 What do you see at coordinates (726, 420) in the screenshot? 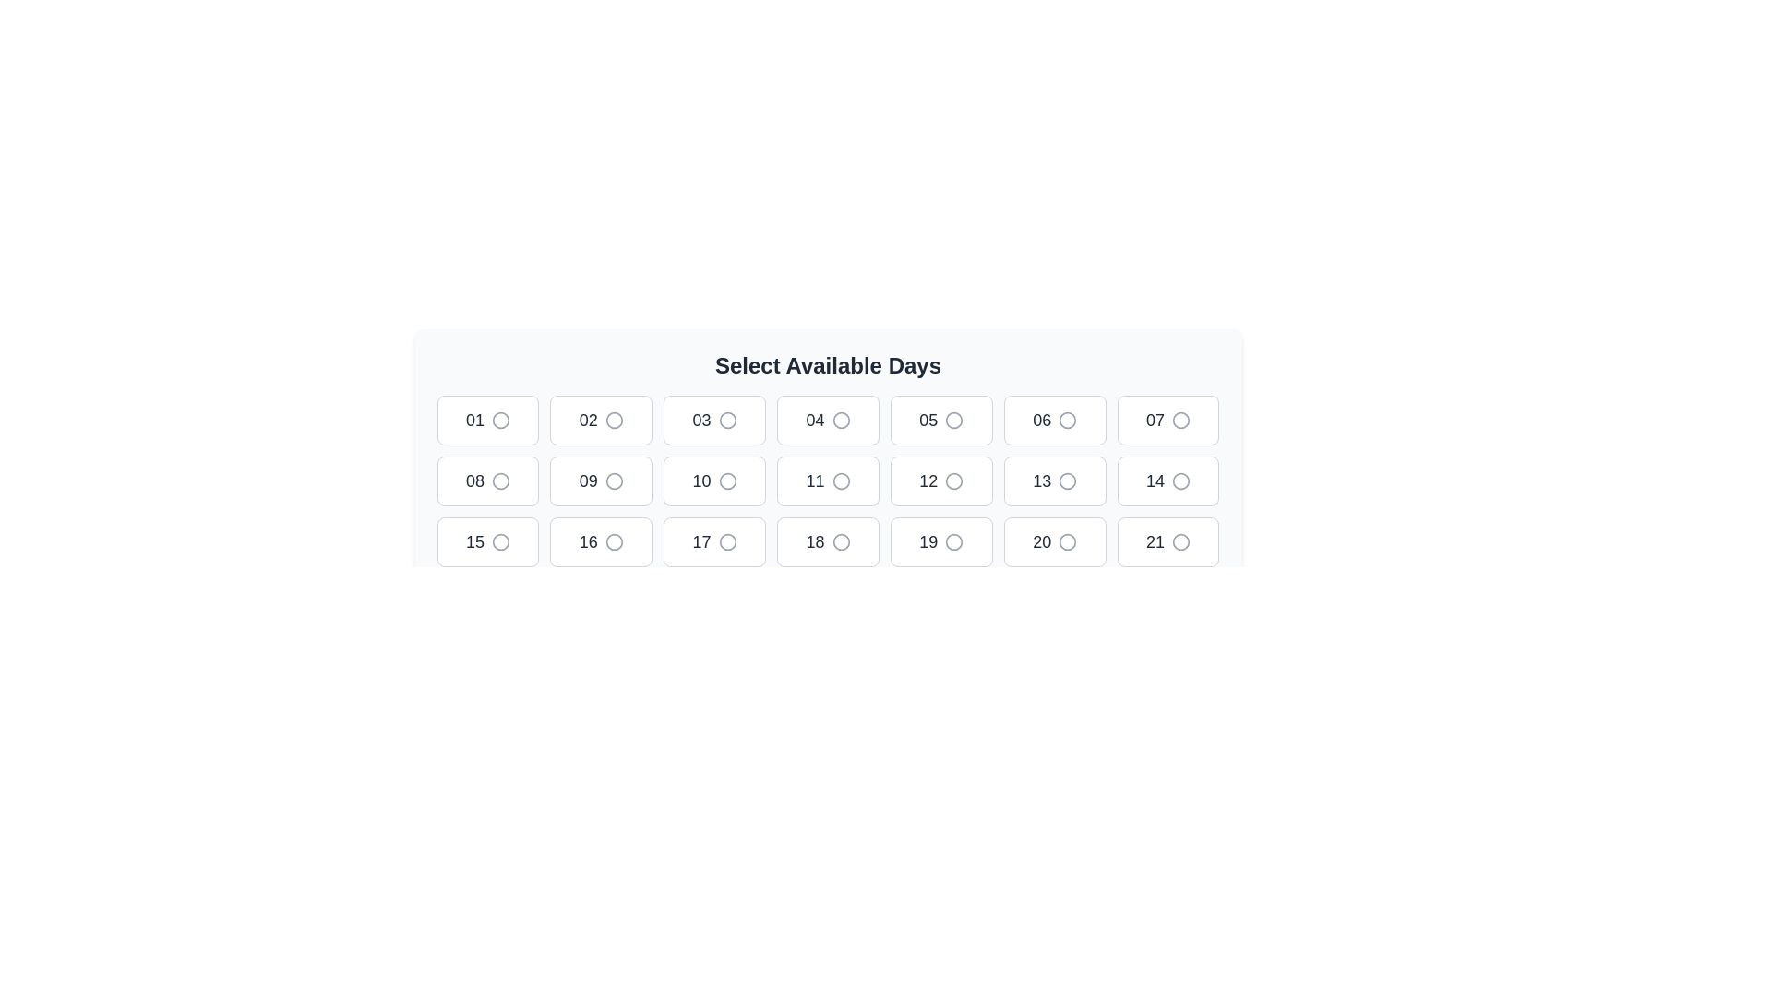
I see `the third circular selection indicator (radio button) in the grid layout` at bounding box center [726, 420].